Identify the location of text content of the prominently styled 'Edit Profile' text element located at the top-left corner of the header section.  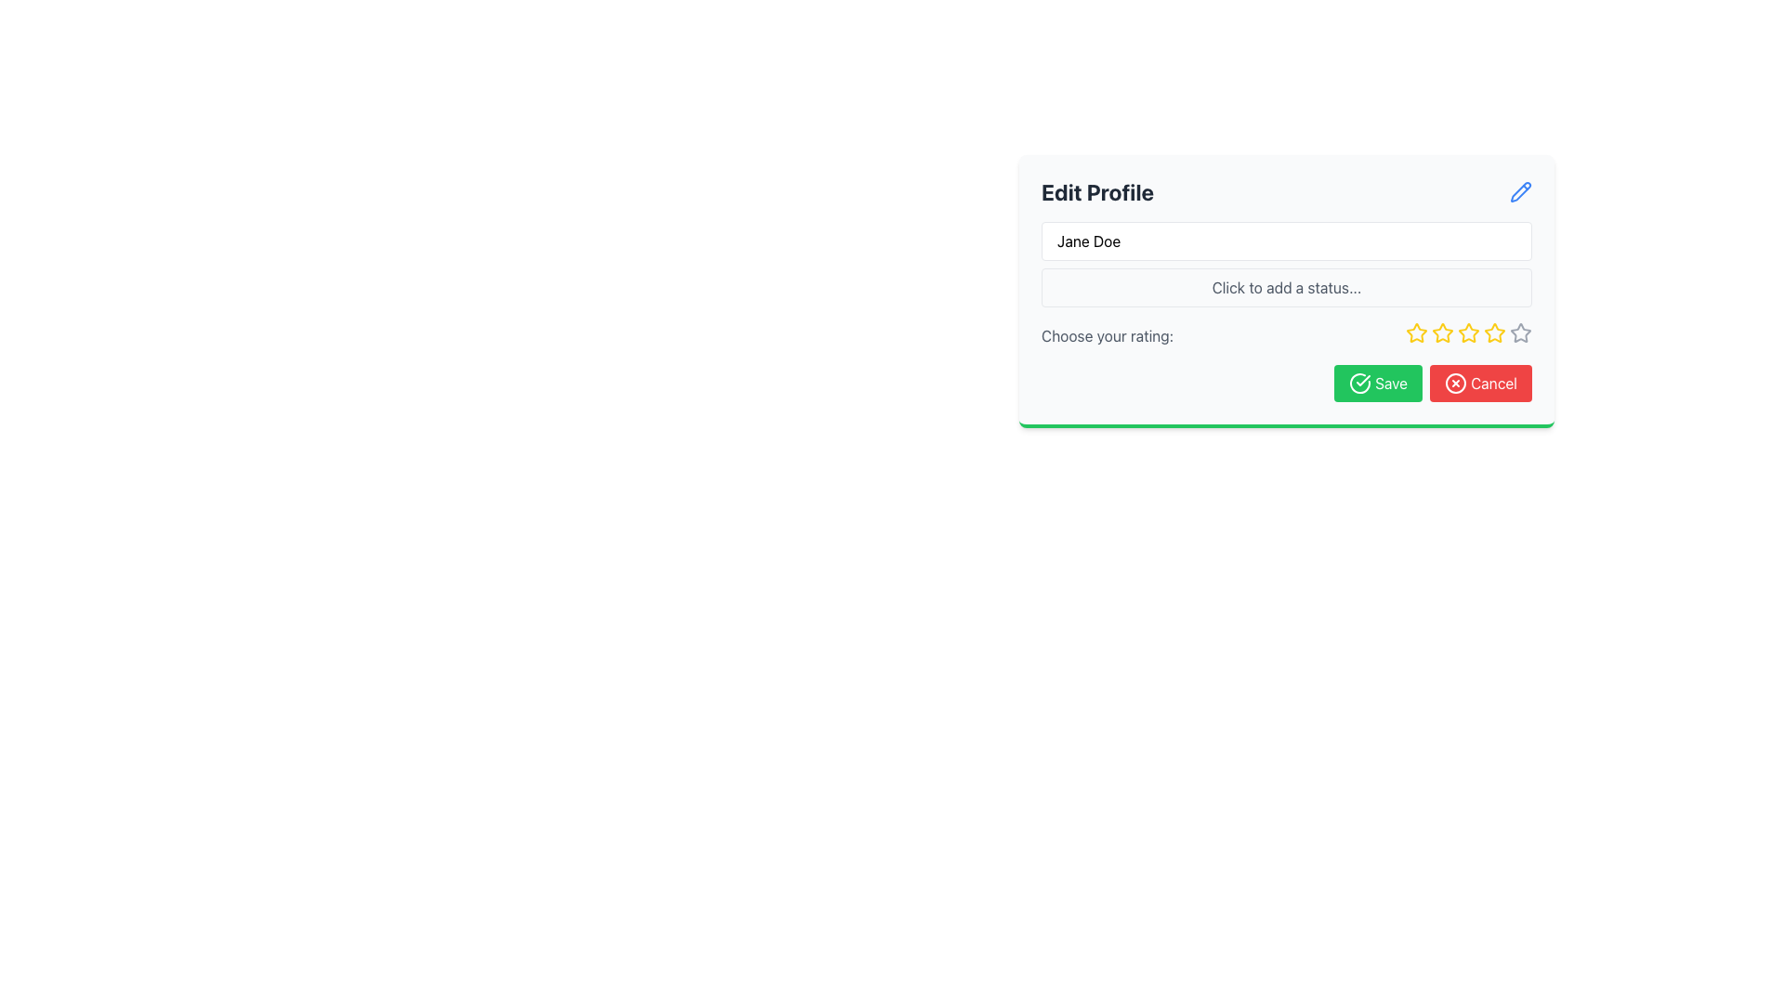
(1097, 192).